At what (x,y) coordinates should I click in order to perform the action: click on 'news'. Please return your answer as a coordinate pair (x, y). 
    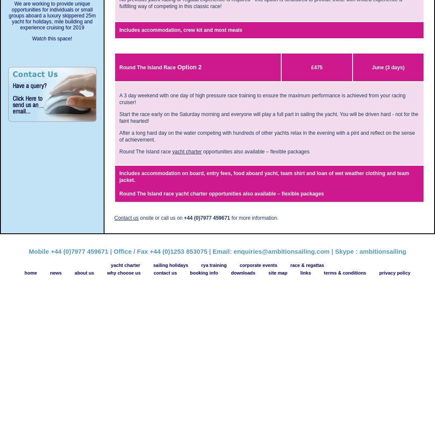
    Looking at the image, I should click on (55, 272).